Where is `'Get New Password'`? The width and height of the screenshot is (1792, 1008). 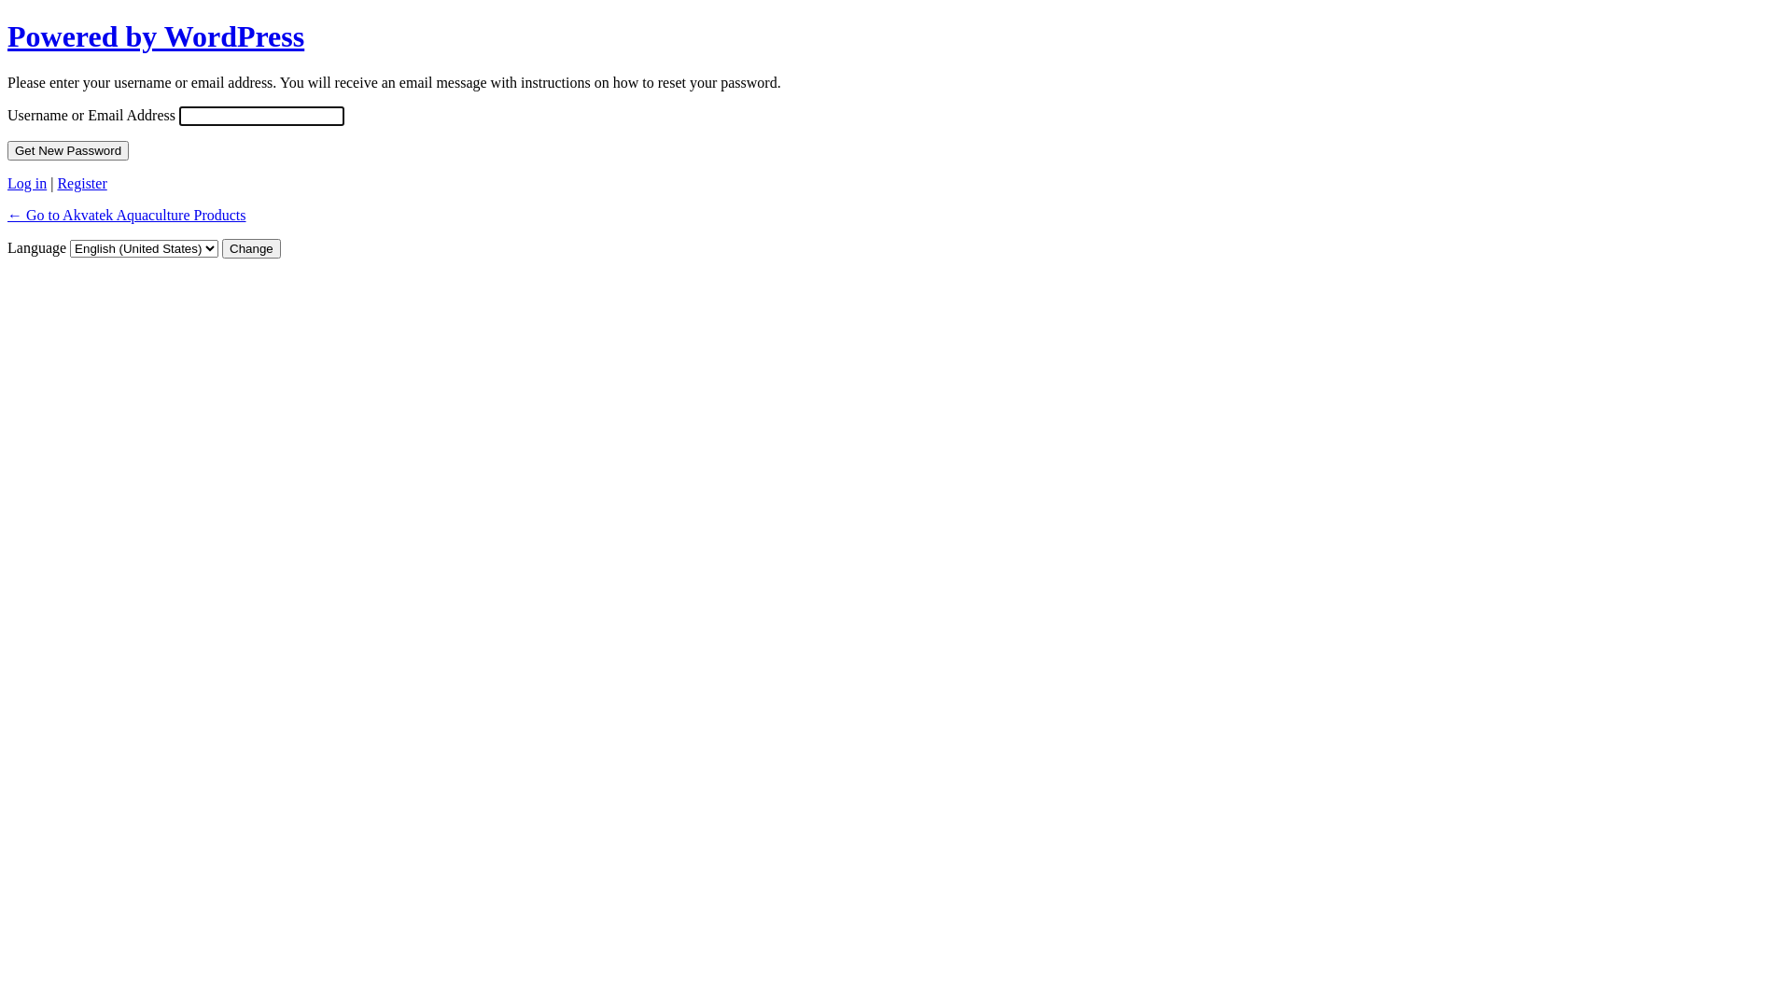 'Get New Password' is located at coordinates (67, 149).